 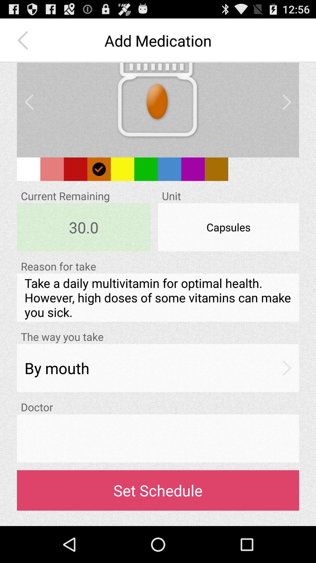 I want to click on the arrow_backward icon, so click(x=24, y=43).